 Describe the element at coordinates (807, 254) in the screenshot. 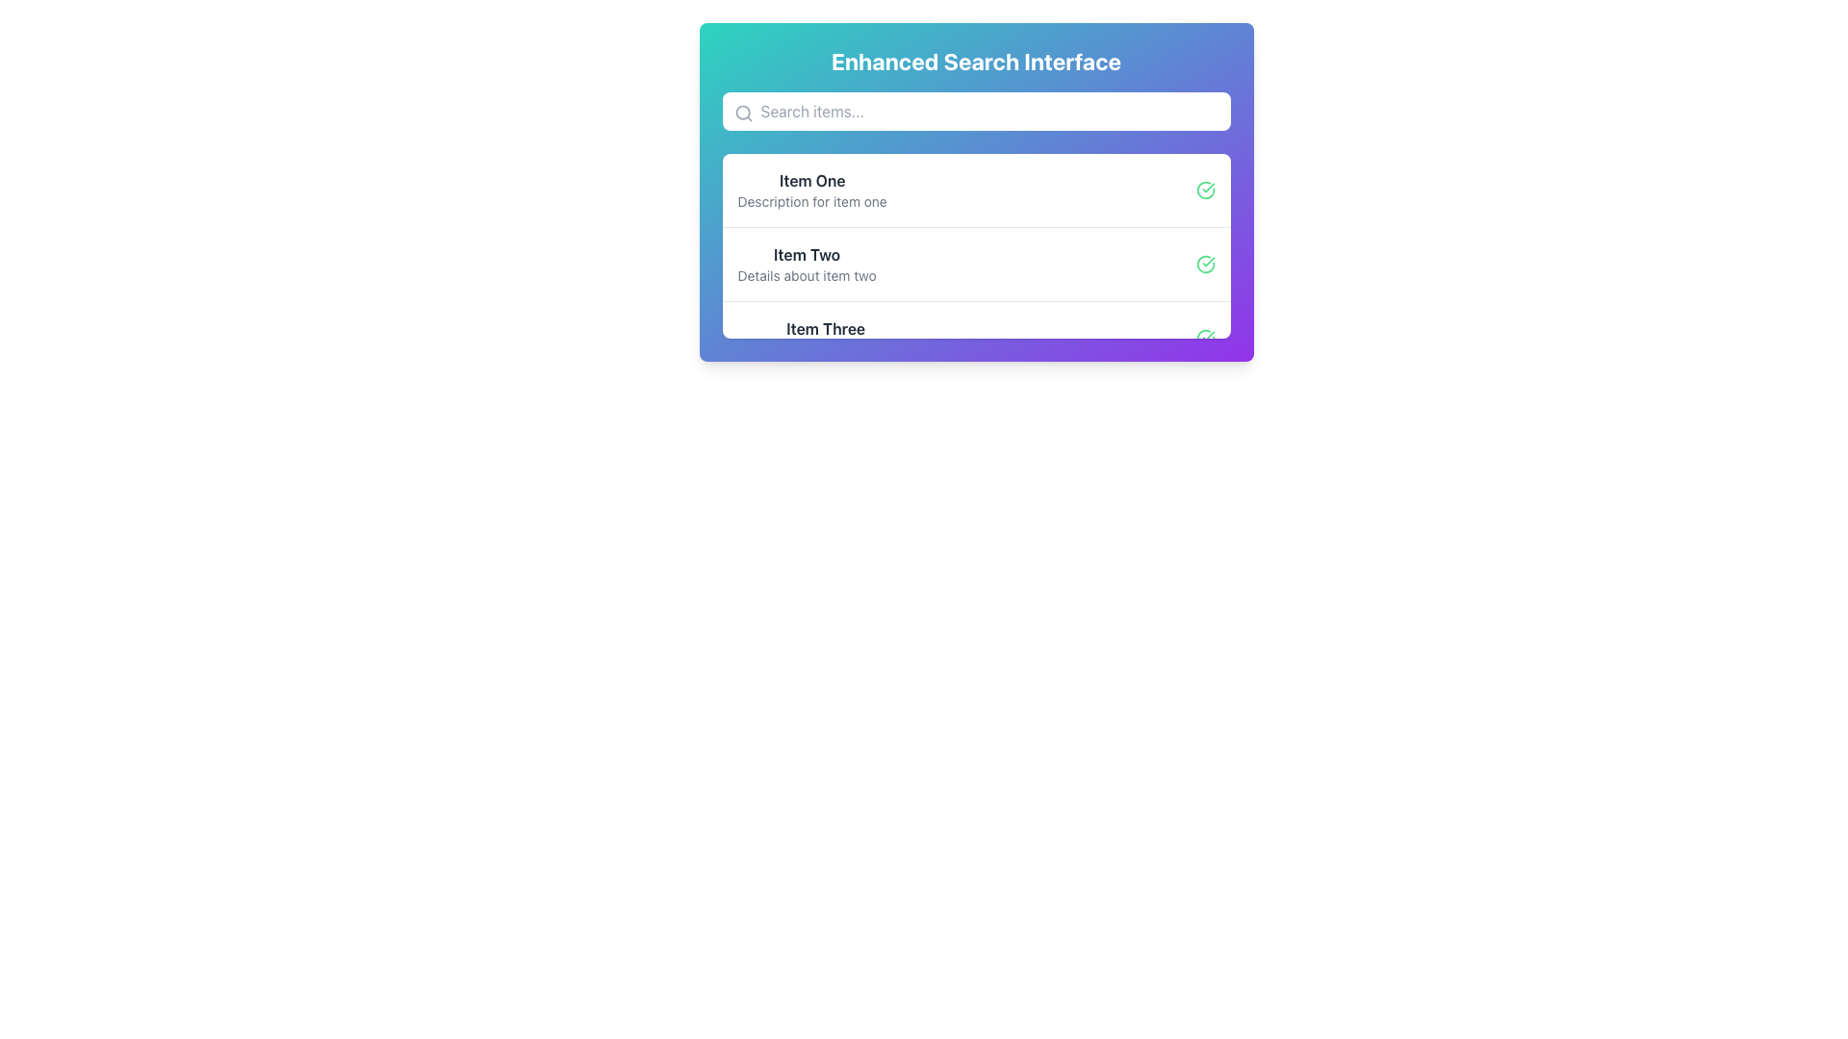

I see `the text label displaying 'Item Two' in bold dark gray font, which is positioned above the description 'Details about item two' within the structured list of the 'Enhanced Search Interface'` at that location.